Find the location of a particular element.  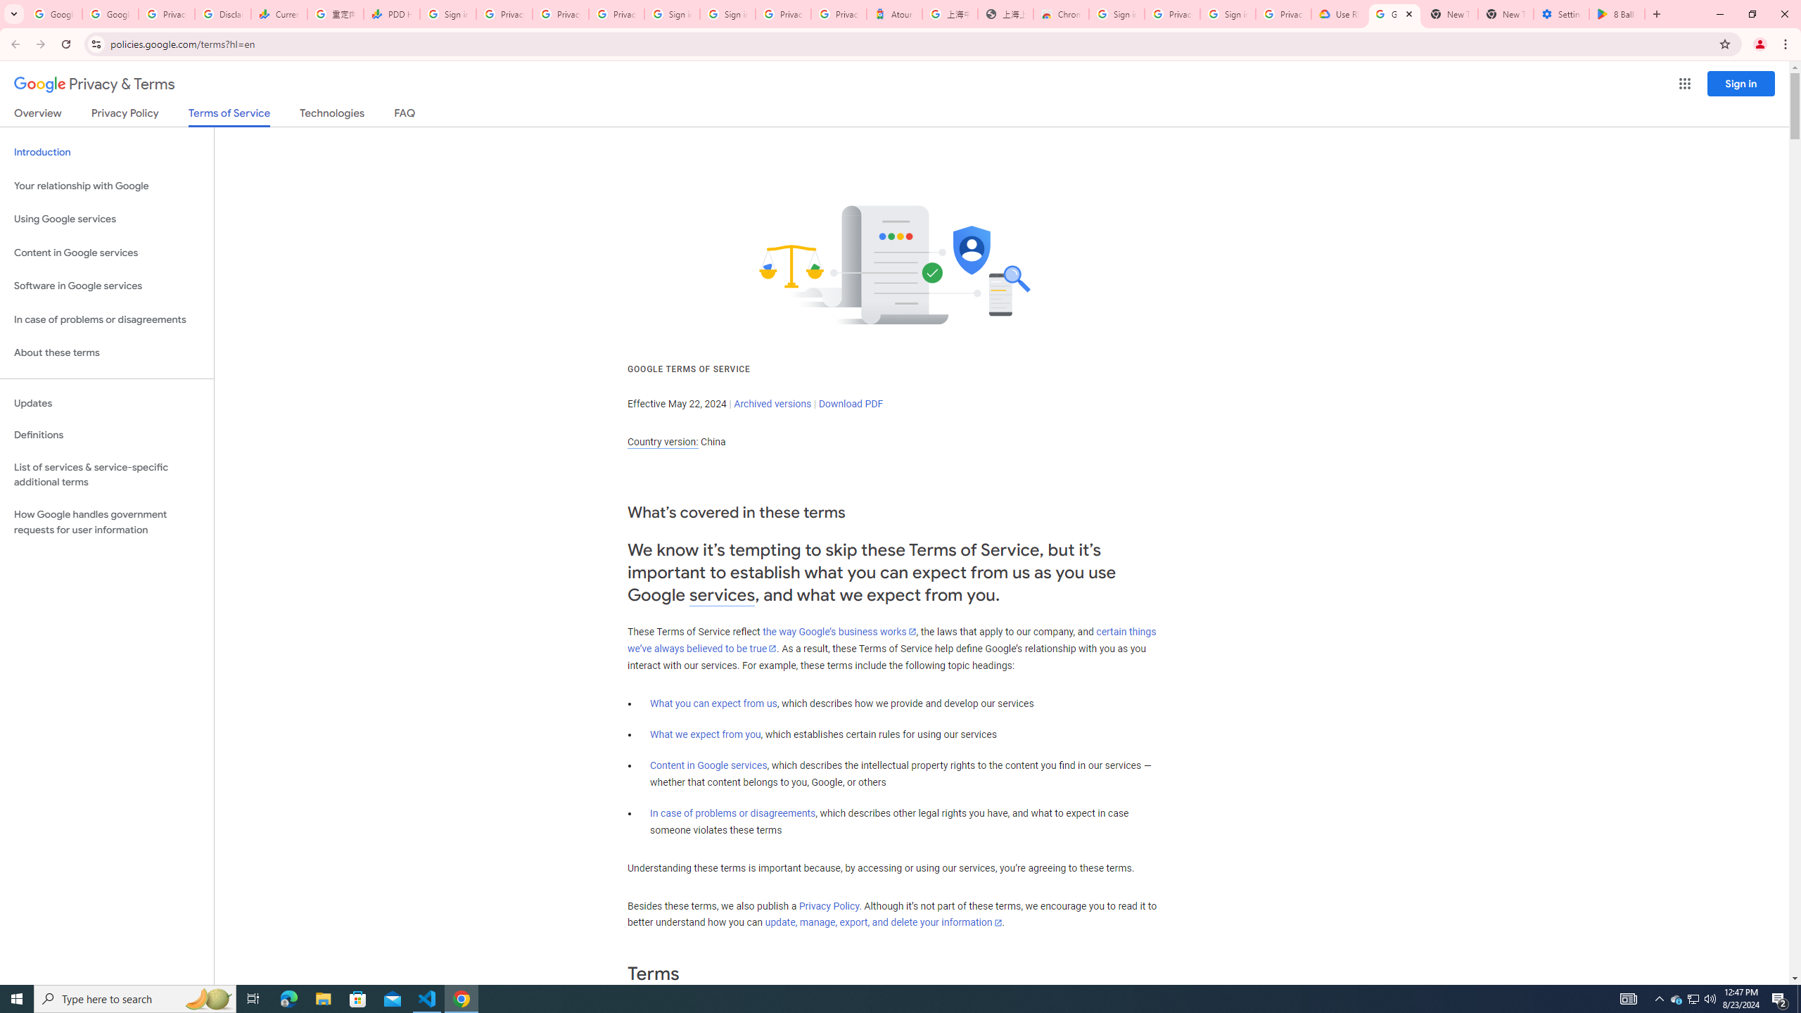

'Sign in - Google Accounts' is located at coordinates (670, 13).